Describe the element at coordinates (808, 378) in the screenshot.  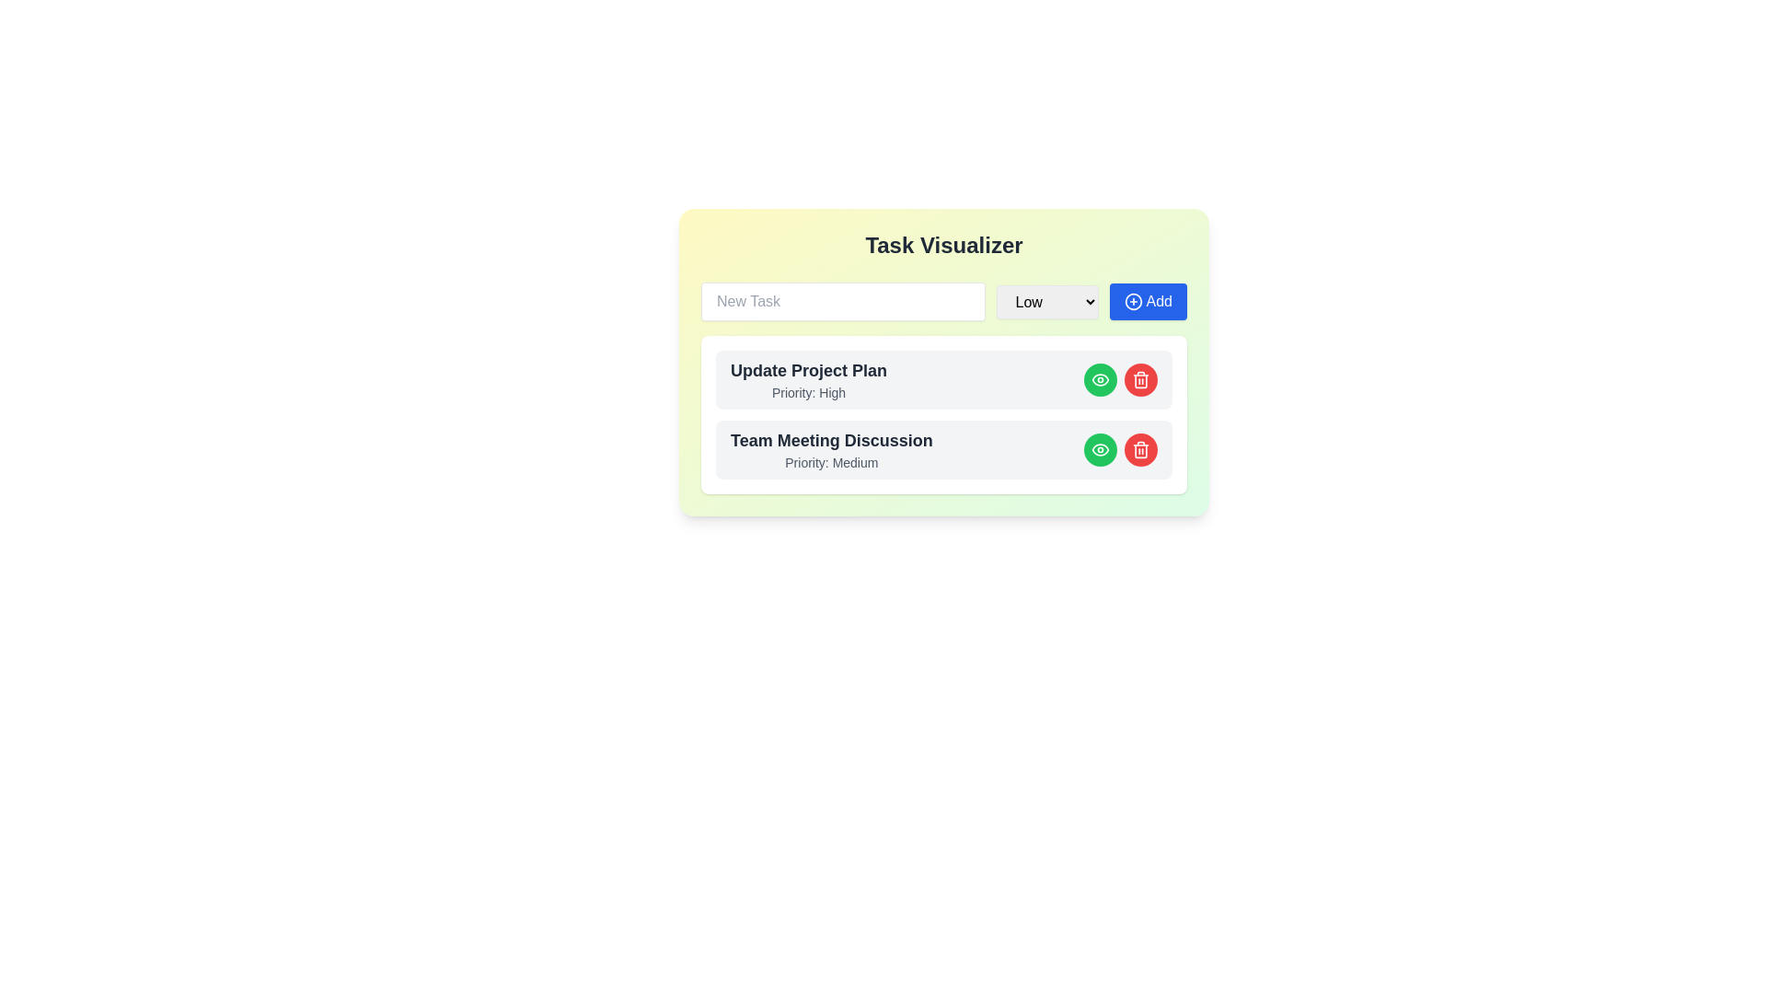
I see `the text block that displays the task title 'Update Project Plan' and its priority level 'High' in the Task Visualizer interface` at that location.